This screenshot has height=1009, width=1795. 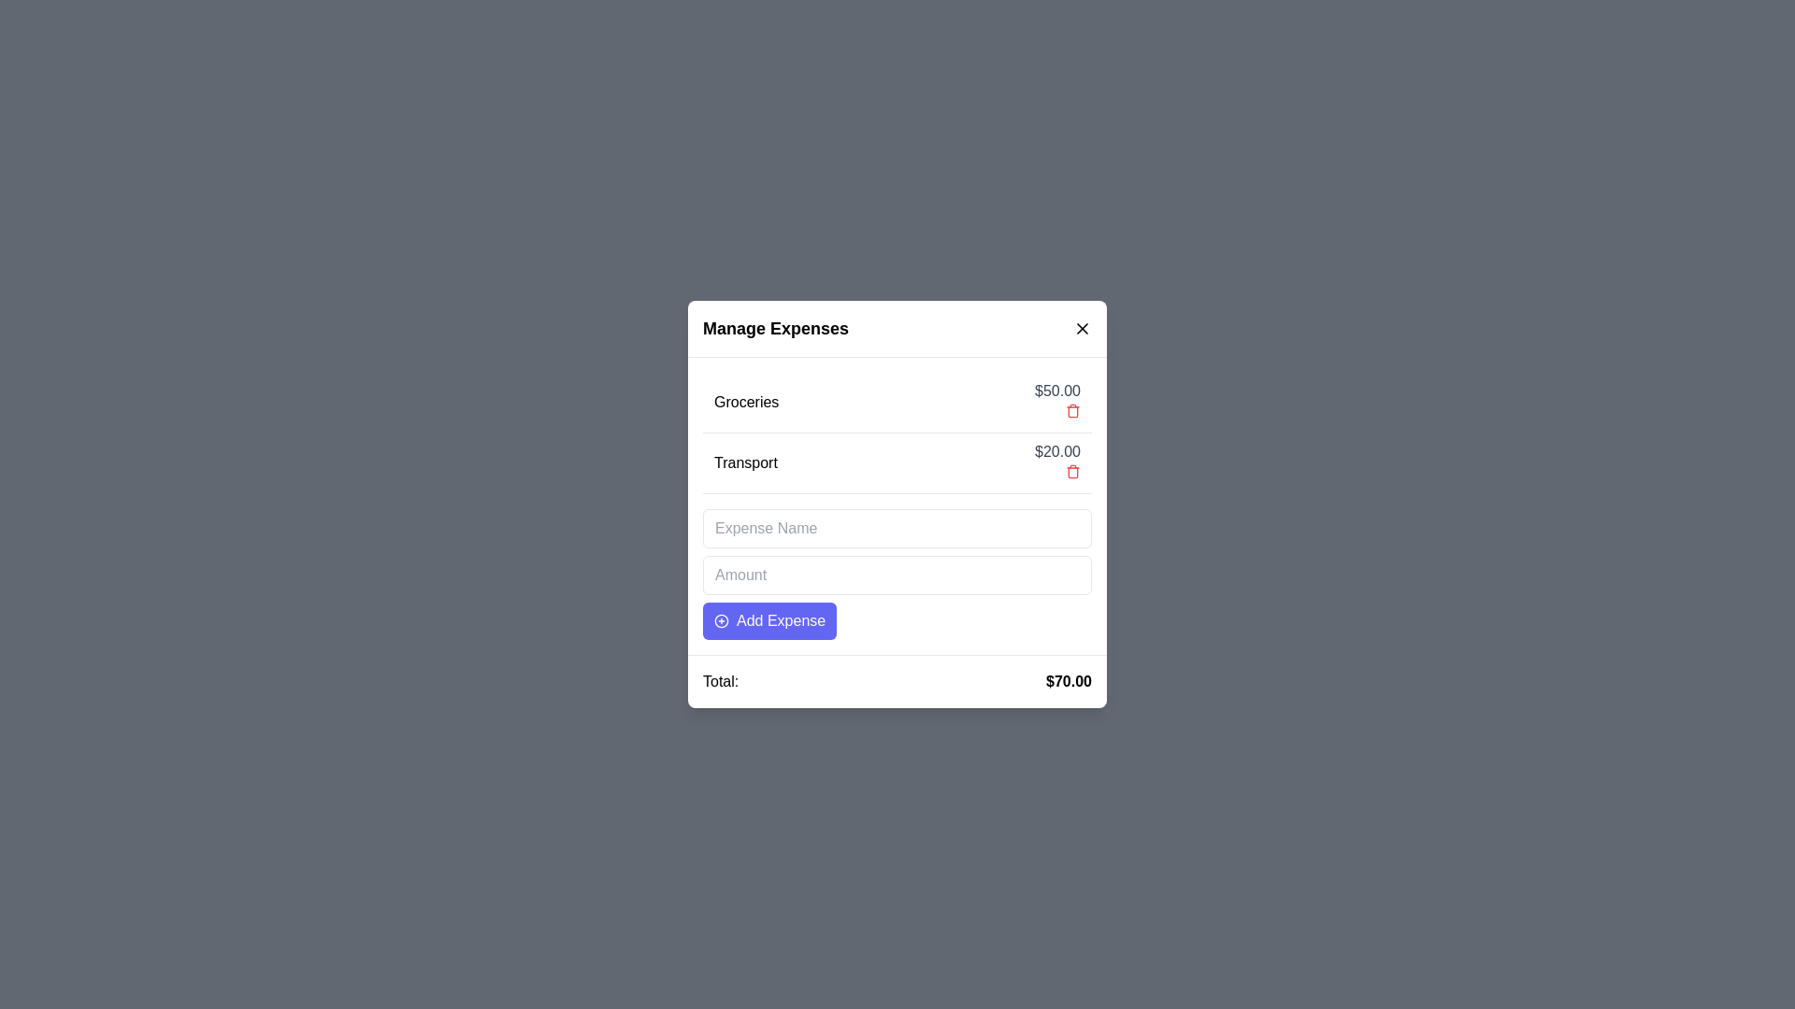 I want to click on the trash can icon located to the right of the 'Transport' text and the '$20.00' amount in the 'Manage Expenses' dialog box, so click(x=1072, y=471).